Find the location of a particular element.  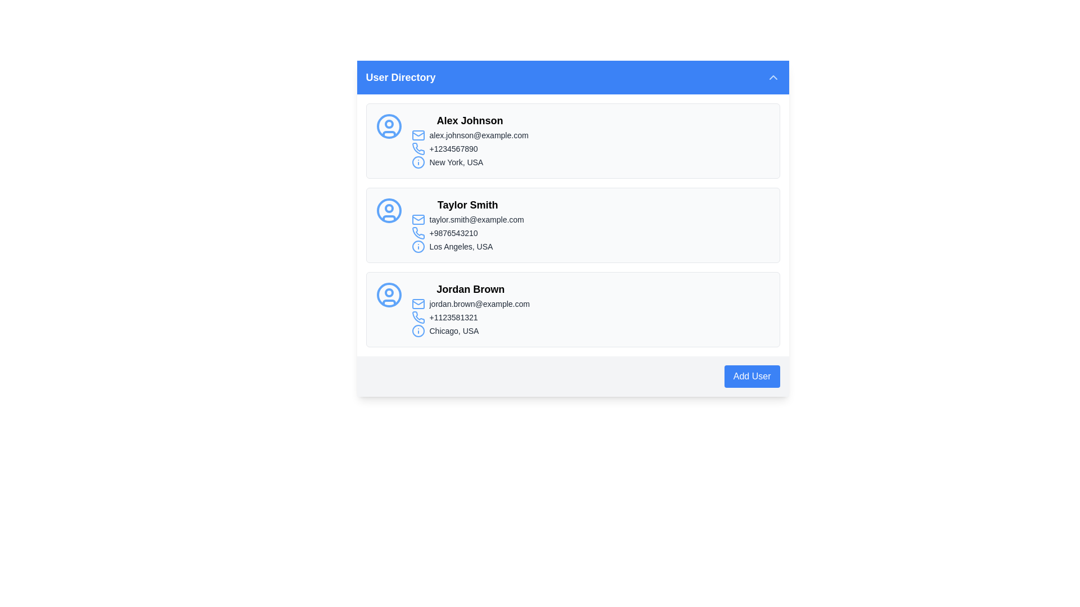

the blue phone icon with a thin outline and rounded edges, located to the left of the phone number '+1123581321' in the contact information display for 'Jordan Brown' is located at coordinates (417, 317).